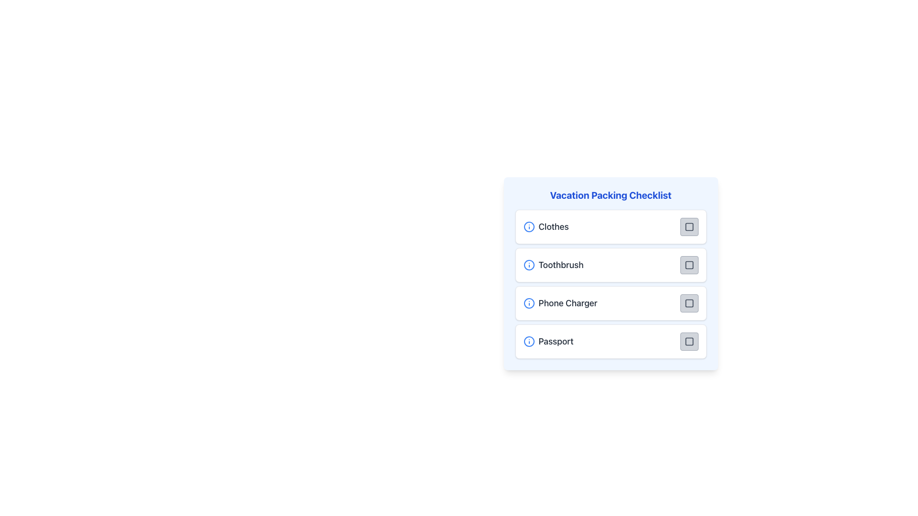 This screenshot has height=516, width=918. I want to click on the Checkbox icon located at the far right of the 'Clothes' line in the Vacation Packing Checklist, so click(689, 226).